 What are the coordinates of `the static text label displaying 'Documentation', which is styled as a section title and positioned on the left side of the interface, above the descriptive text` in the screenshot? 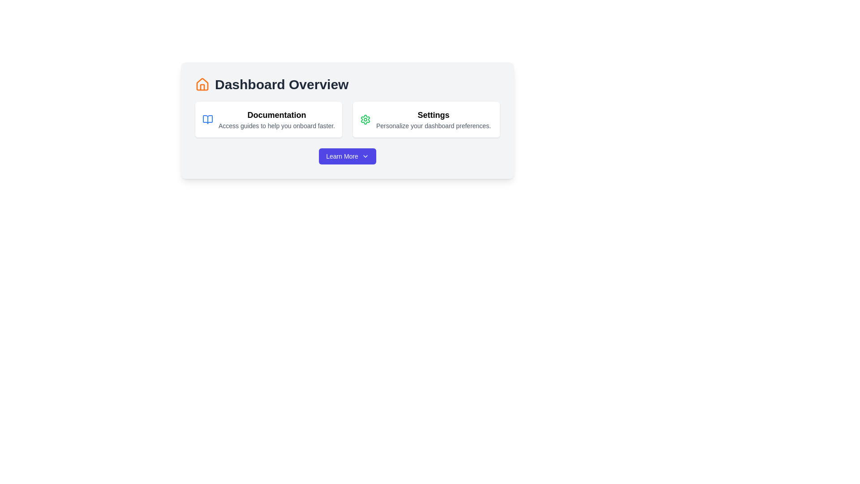 It's located at (276, 115).